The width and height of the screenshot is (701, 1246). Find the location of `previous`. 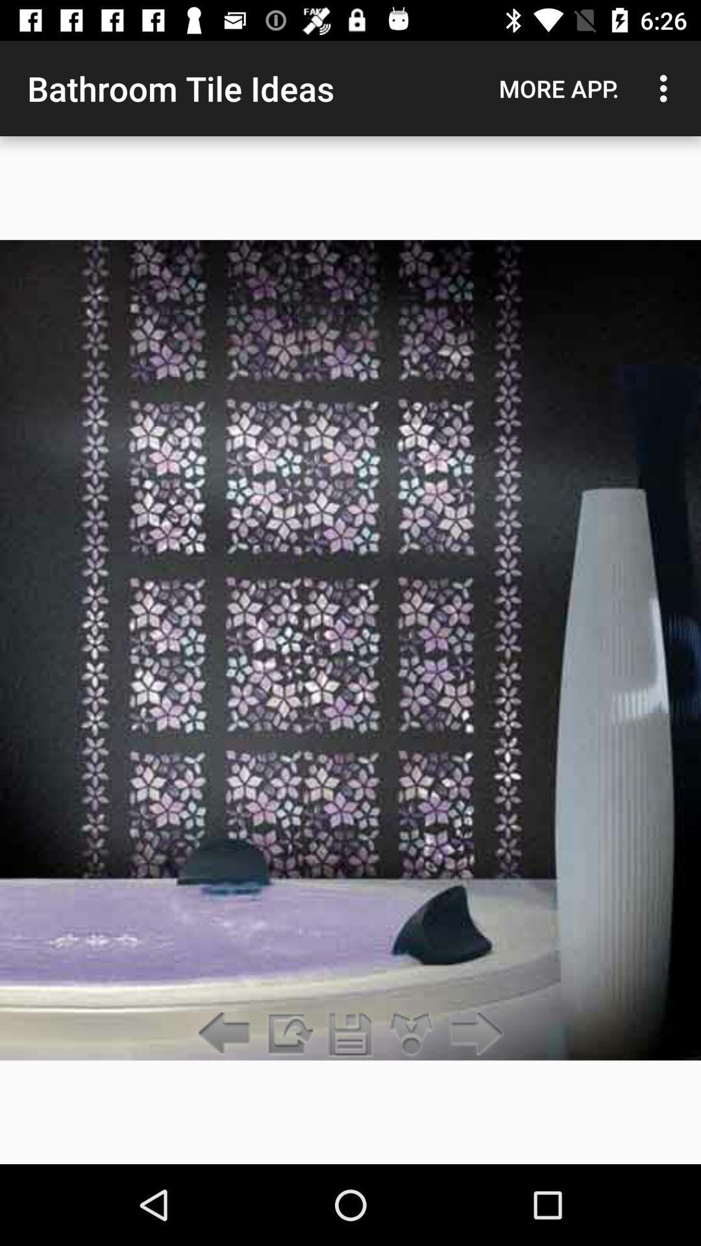

previous is located at coordinates (227, 1034).